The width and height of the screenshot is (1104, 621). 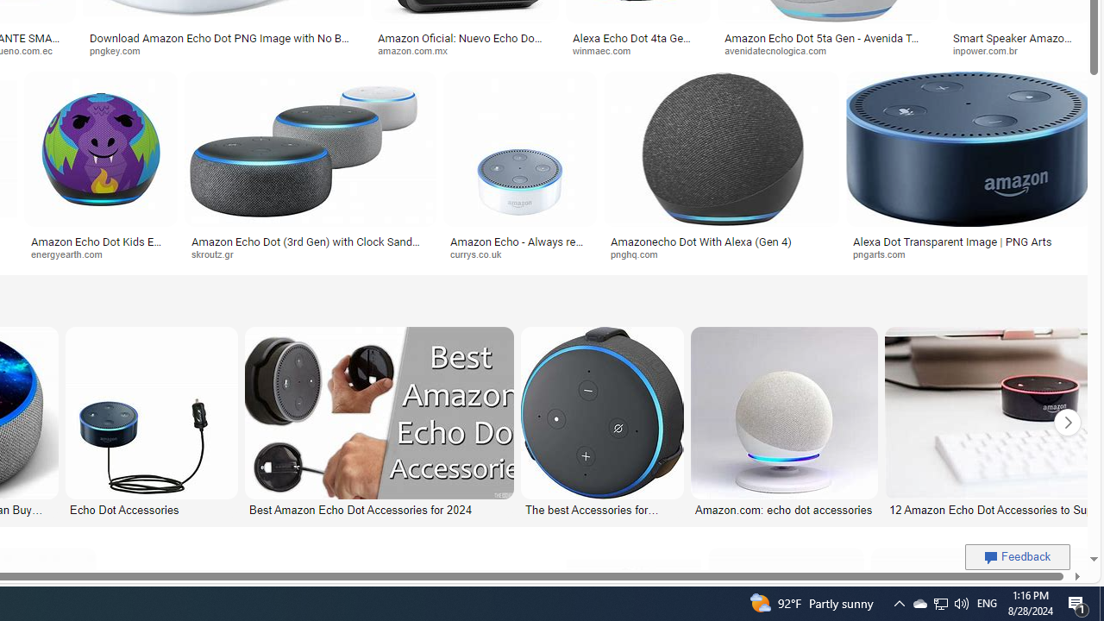 I want to click on 'amazon.com.mx', so click(x=418, y=49).